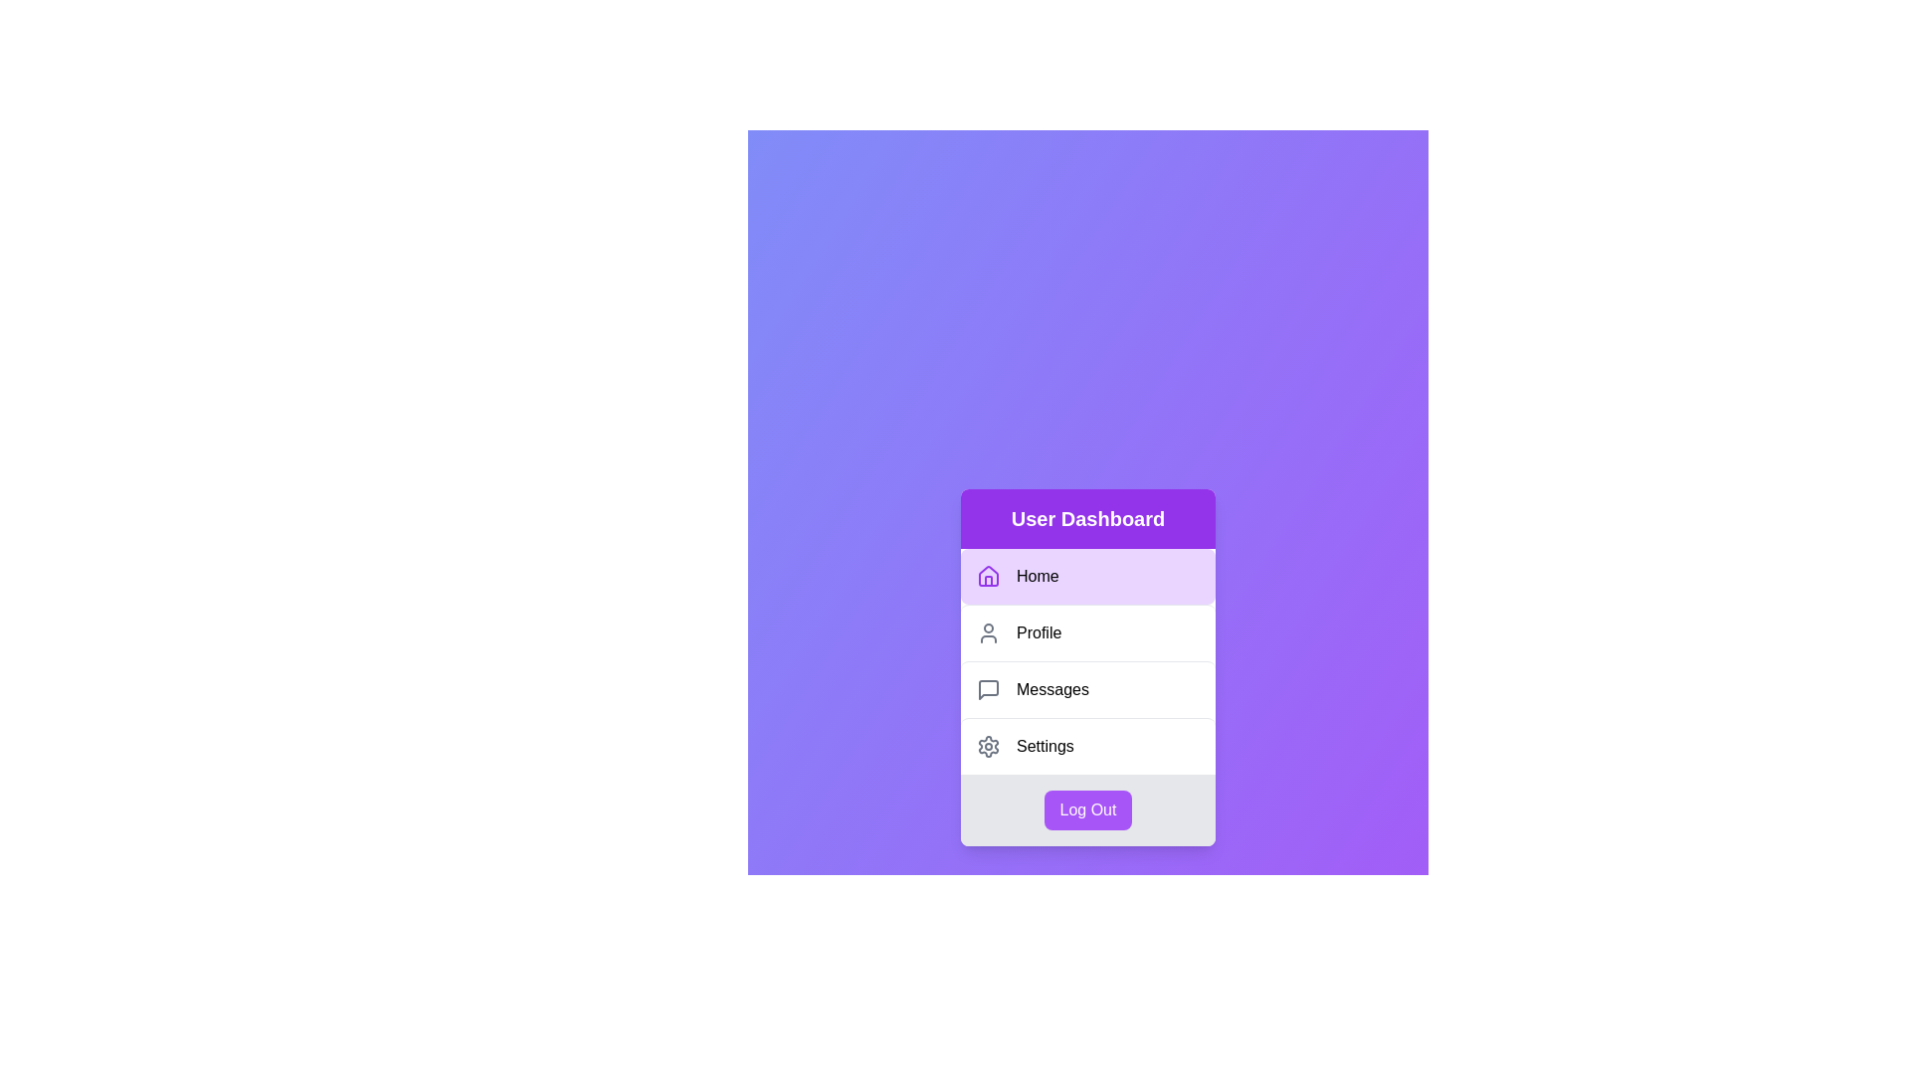 This screenshot has width=1910, height=1074. Describe the element at coordinates (1087, 576) in the screenshot. I see `the menu item Home` at that location.